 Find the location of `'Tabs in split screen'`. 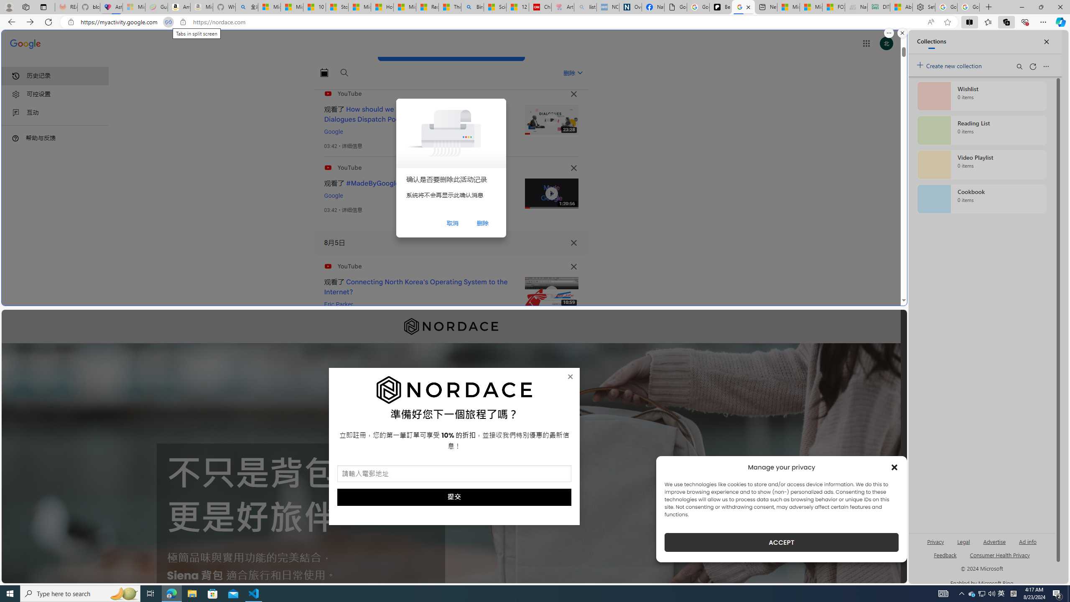

'Tabs in split screen' is located at coordinates (167, 22).